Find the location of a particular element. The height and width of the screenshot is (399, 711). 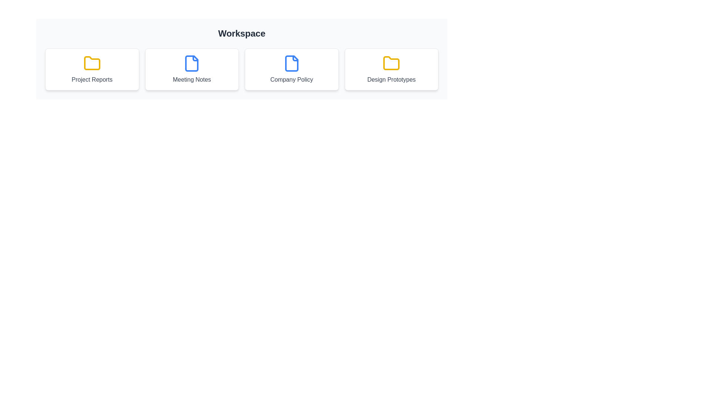

the blue-styled file icon located in the center of the second card labeled 'Workspace', positioned above the text 'Meeting Notes' is located at coordinates (192, 63).